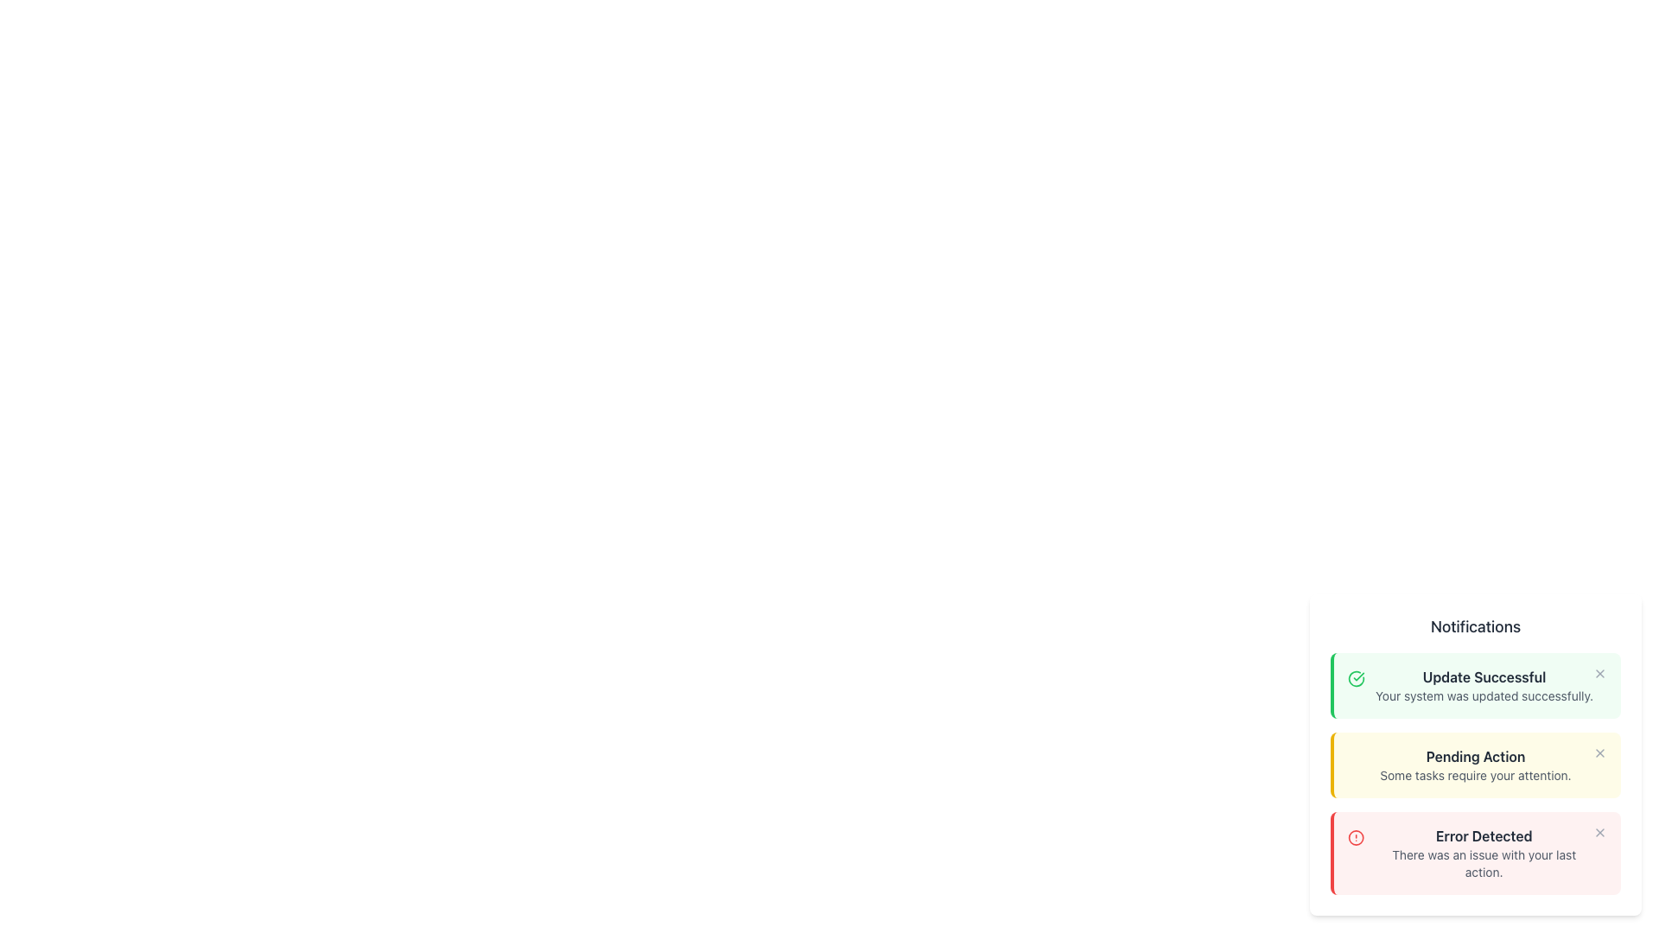 Image resolution: width=1659 pixels, height=933 pixels. What do you see at coordinates (1476, 685) in the screenshot?
I see `the topmost notification box that informs the user of a successful system update, located near the top-center-right of the notification panel` at bounding box center [1476, 685].